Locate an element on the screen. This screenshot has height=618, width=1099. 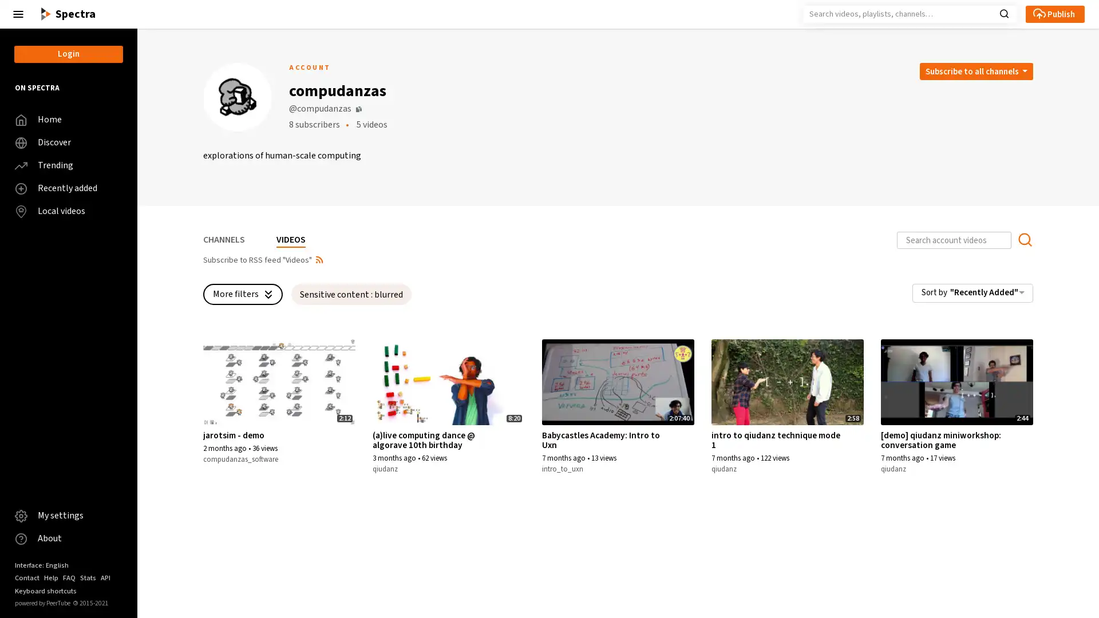
More filters is located at coordinates (242, 294).